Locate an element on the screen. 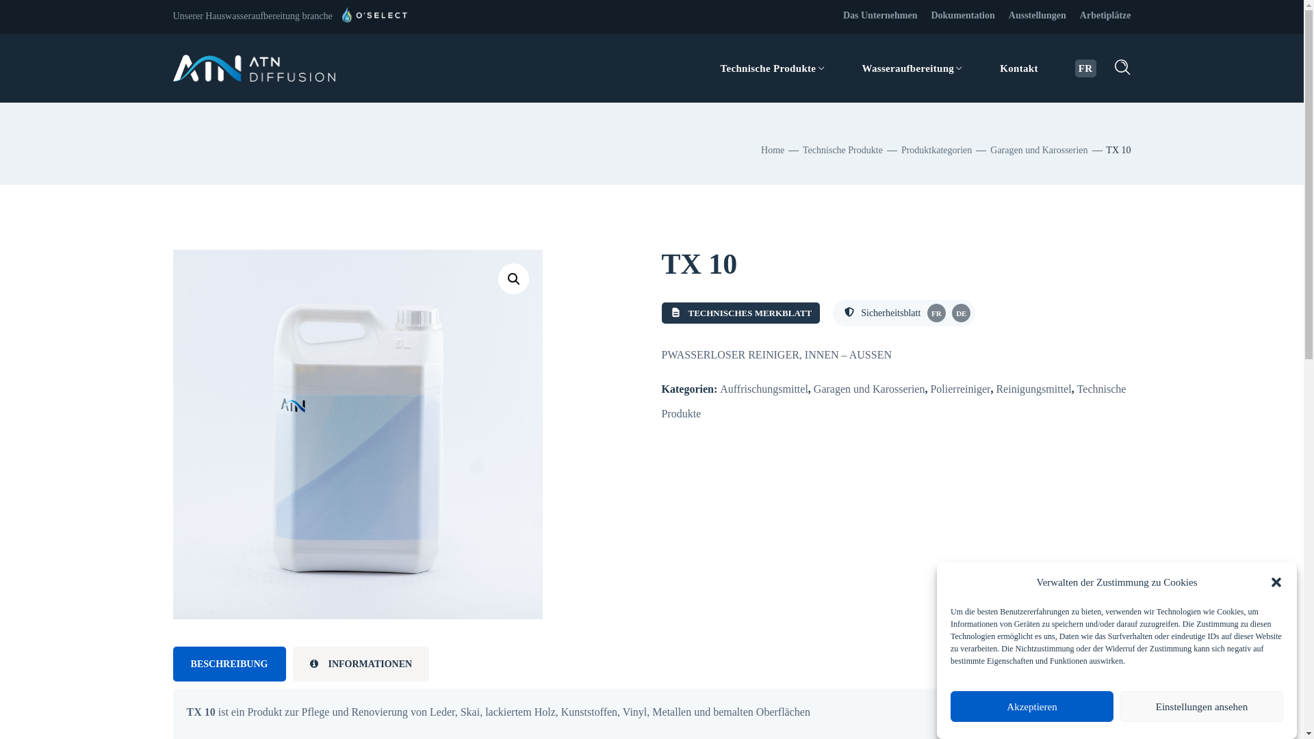 The image size is (1314, 739). 'Auffrischungsmittel' is located at coordinates (763, 389).